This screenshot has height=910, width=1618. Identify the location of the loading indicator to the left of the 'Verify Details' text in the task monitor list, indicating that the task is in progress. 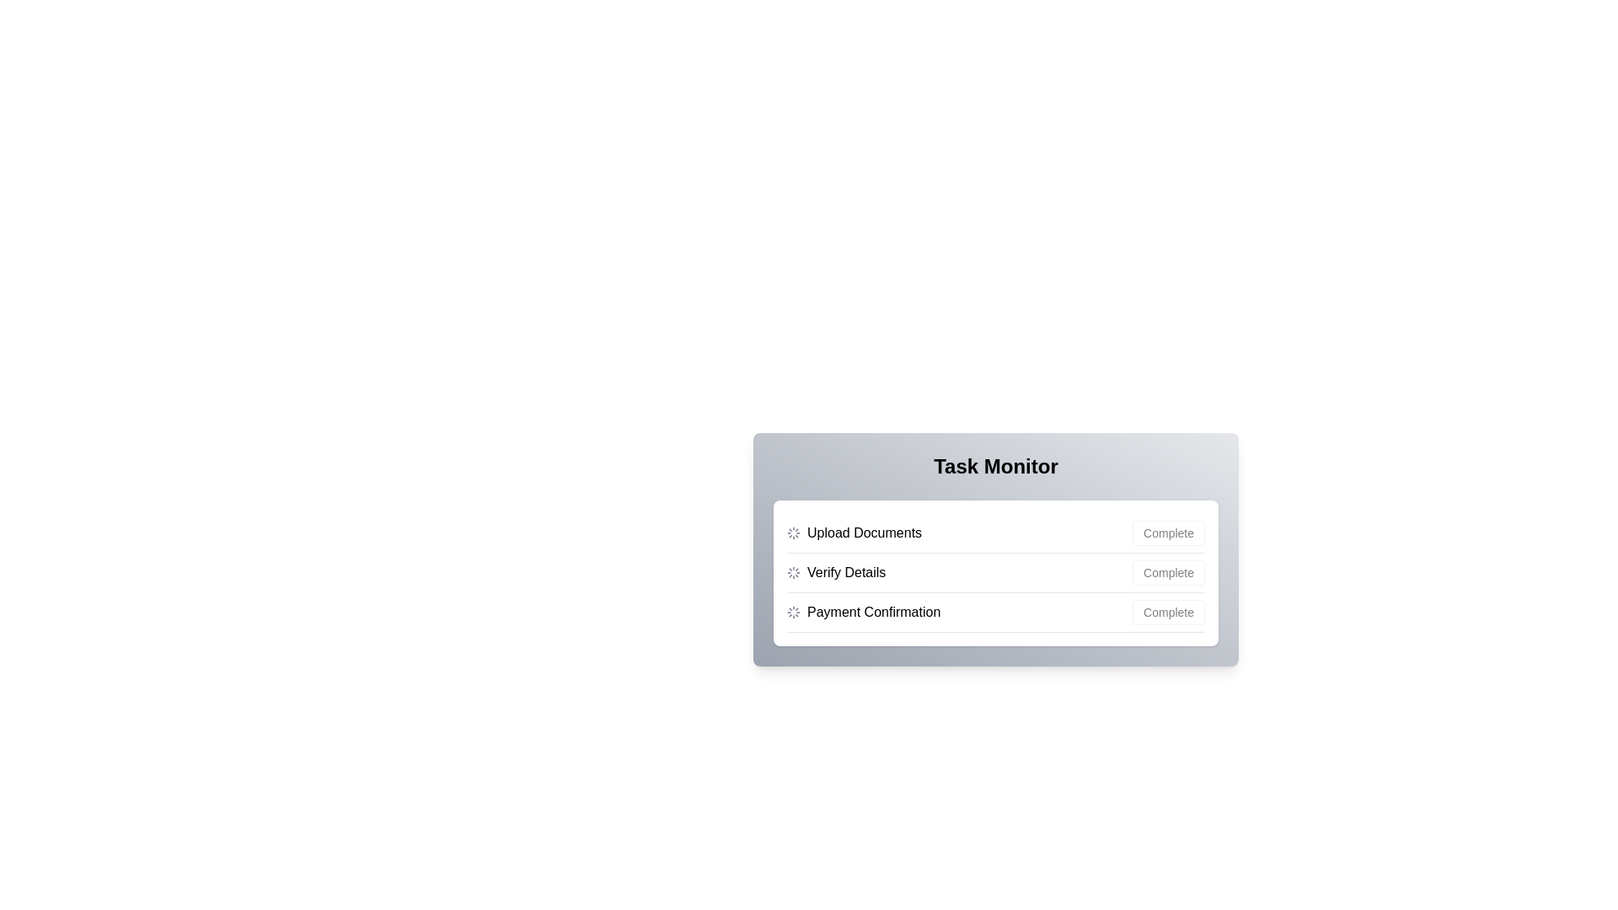
(792, 571).